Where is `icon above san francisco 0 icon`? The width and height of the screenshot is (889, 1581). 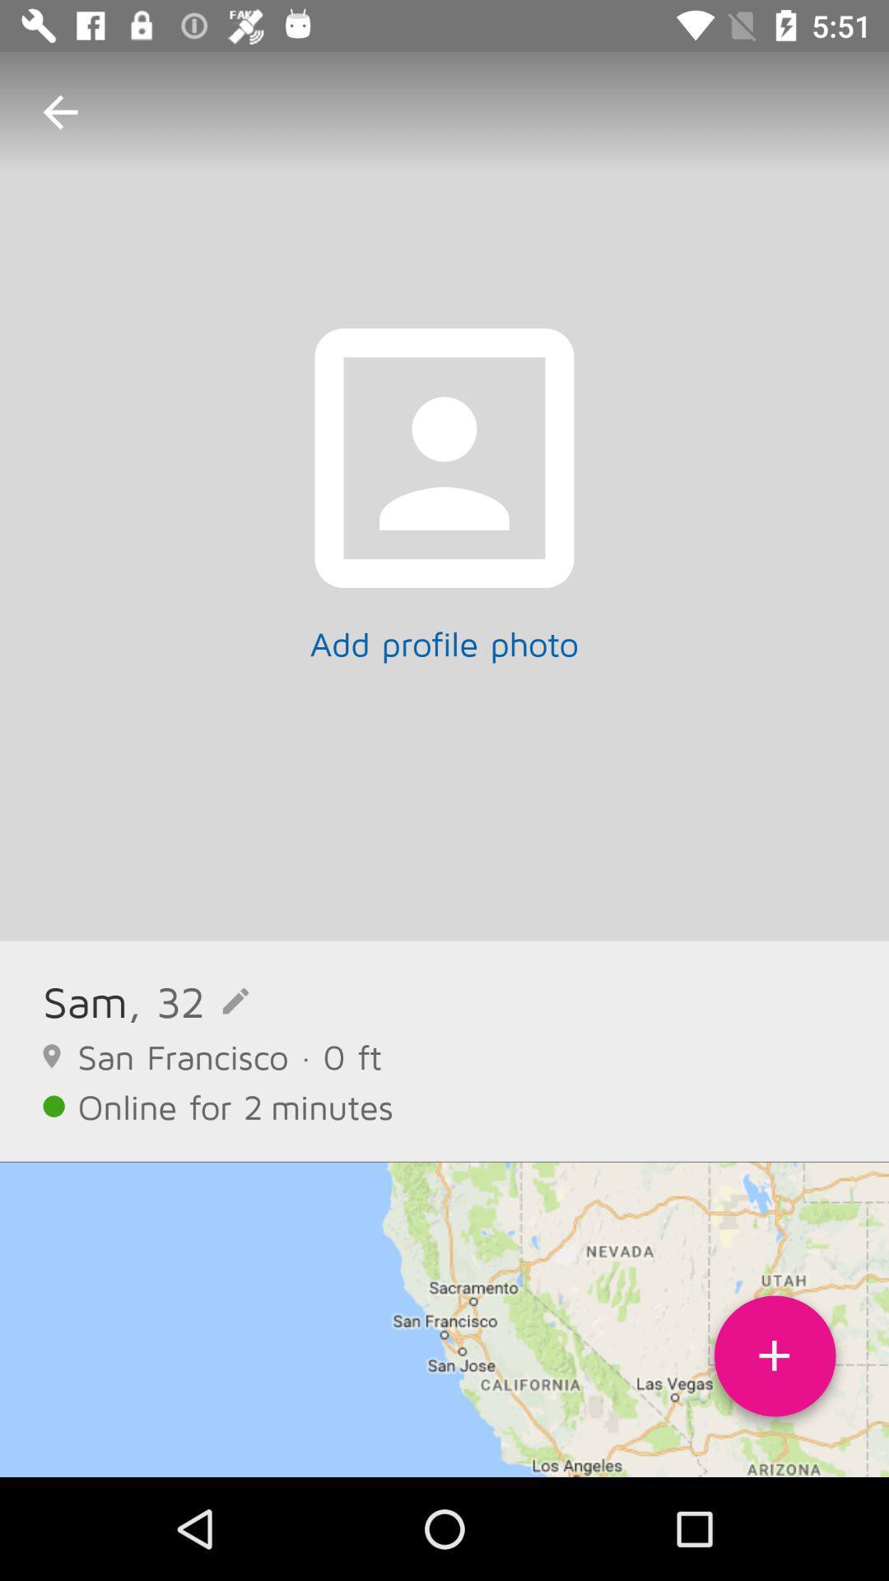
icon above san francisco 0 icon is located at coordinates (187, 1000).